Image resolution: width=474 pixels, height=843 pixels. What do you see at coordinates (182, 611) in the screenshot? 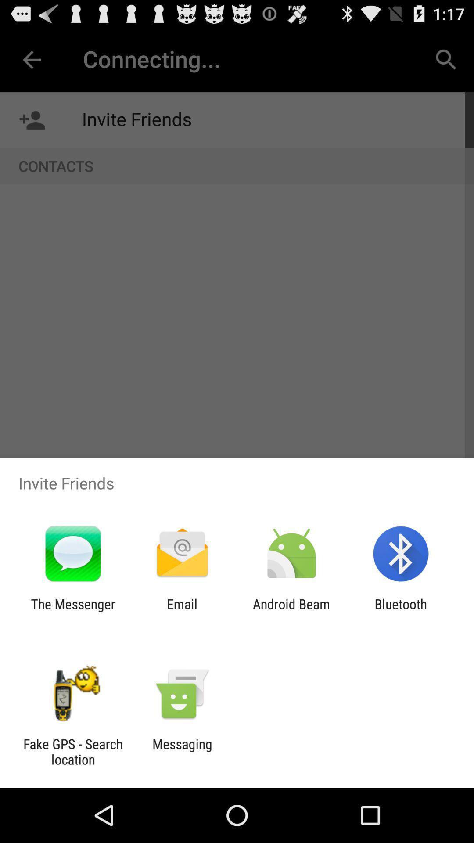
I see `the app next to the the messenger app` at bounding box center [182, 611].